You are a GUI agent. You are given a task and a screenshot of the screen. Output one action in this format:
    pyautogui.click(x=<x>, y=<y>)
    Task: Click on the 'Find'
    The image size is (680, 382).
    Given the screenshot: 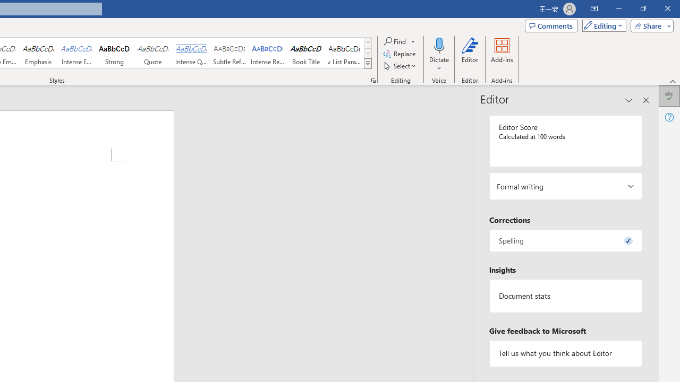 What is the action you would take?
    pyautogui.click(x=399, y=41)
    